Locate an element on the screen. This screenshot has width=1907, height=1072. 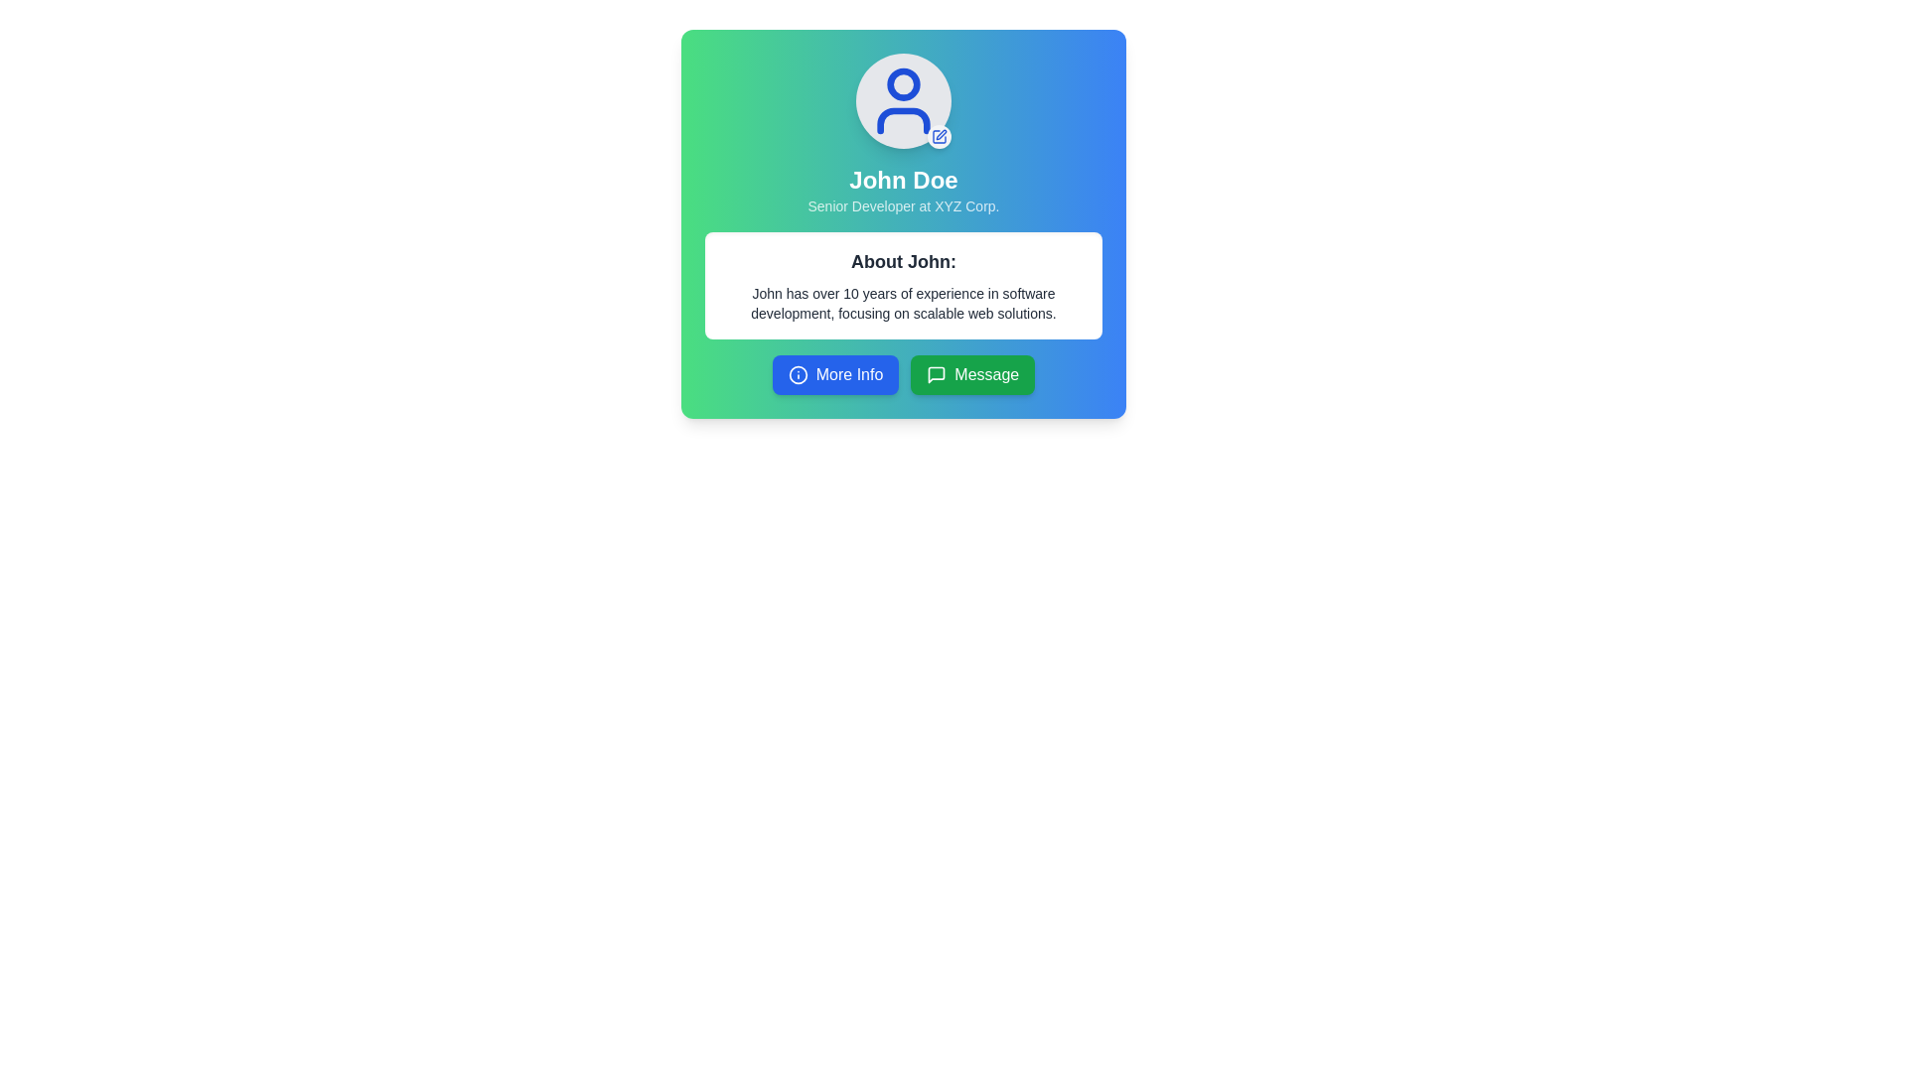
the 'Message' button, which has a green background, rounded corners, and white text next to a speech bubble icon, located below the 'About John:' section is located at coordinates (972, 375).